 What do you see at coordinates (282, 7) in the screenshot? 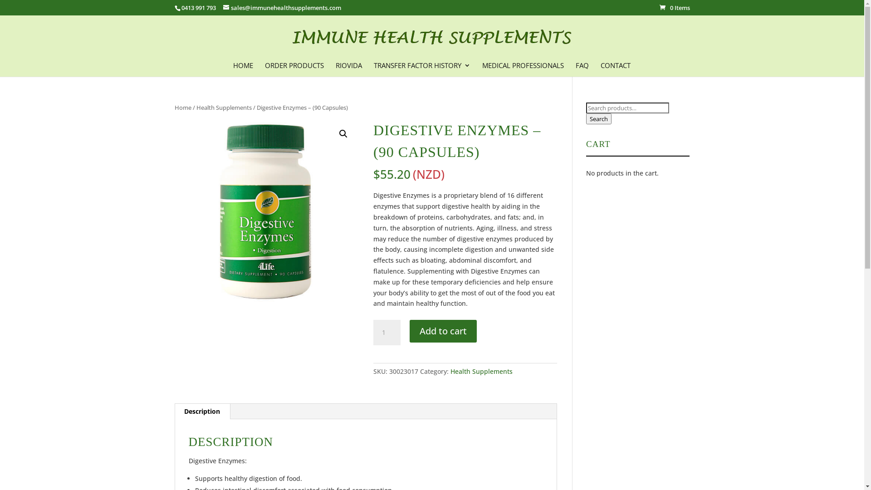
I see `'sales@immunehealthsupplements.com'` at bounding box center [282, 7].